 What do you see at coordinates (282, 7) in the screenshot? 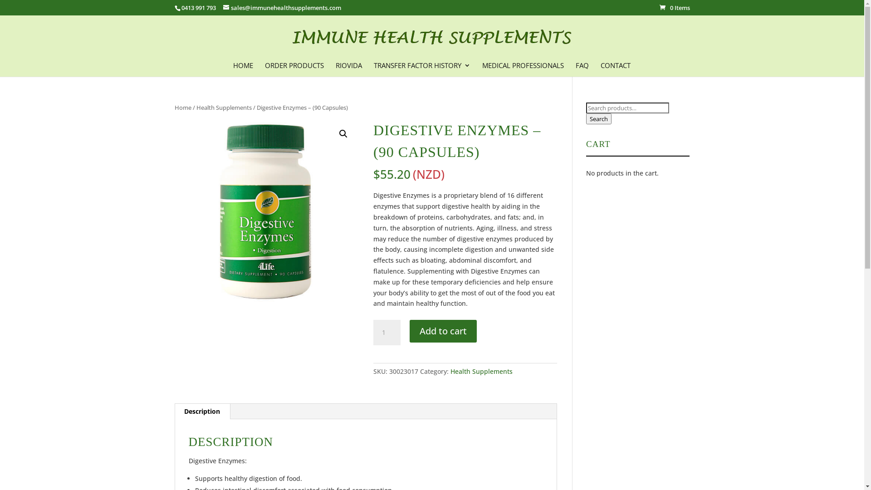
I see `'sales@immunehealthsupplements.com'` at bounding box center [282, 7].